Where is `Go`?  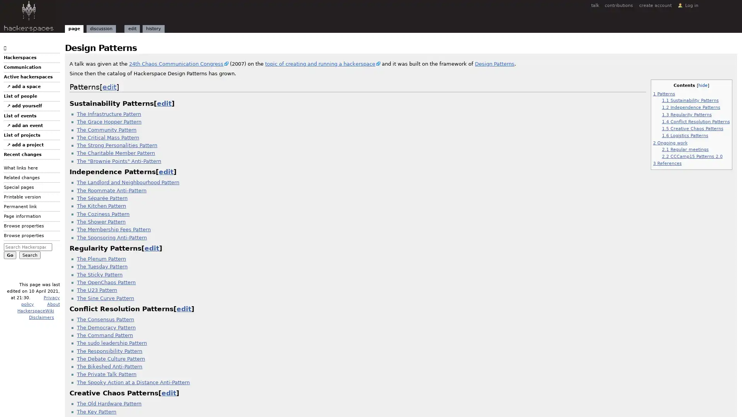 Go is located at coordinates (10, 255).